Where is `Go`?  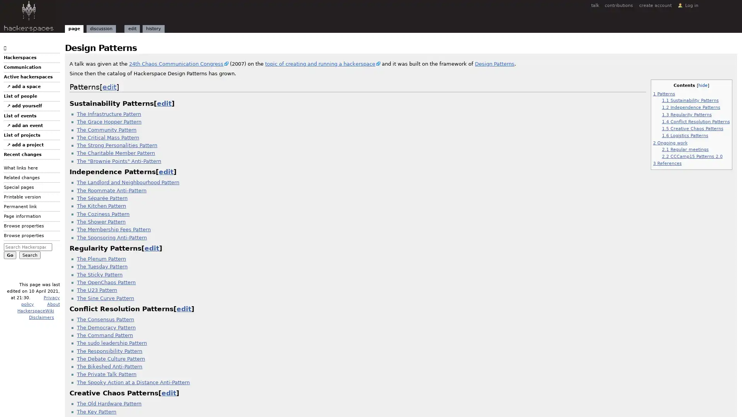 Go is located at coordinates (10, 255).